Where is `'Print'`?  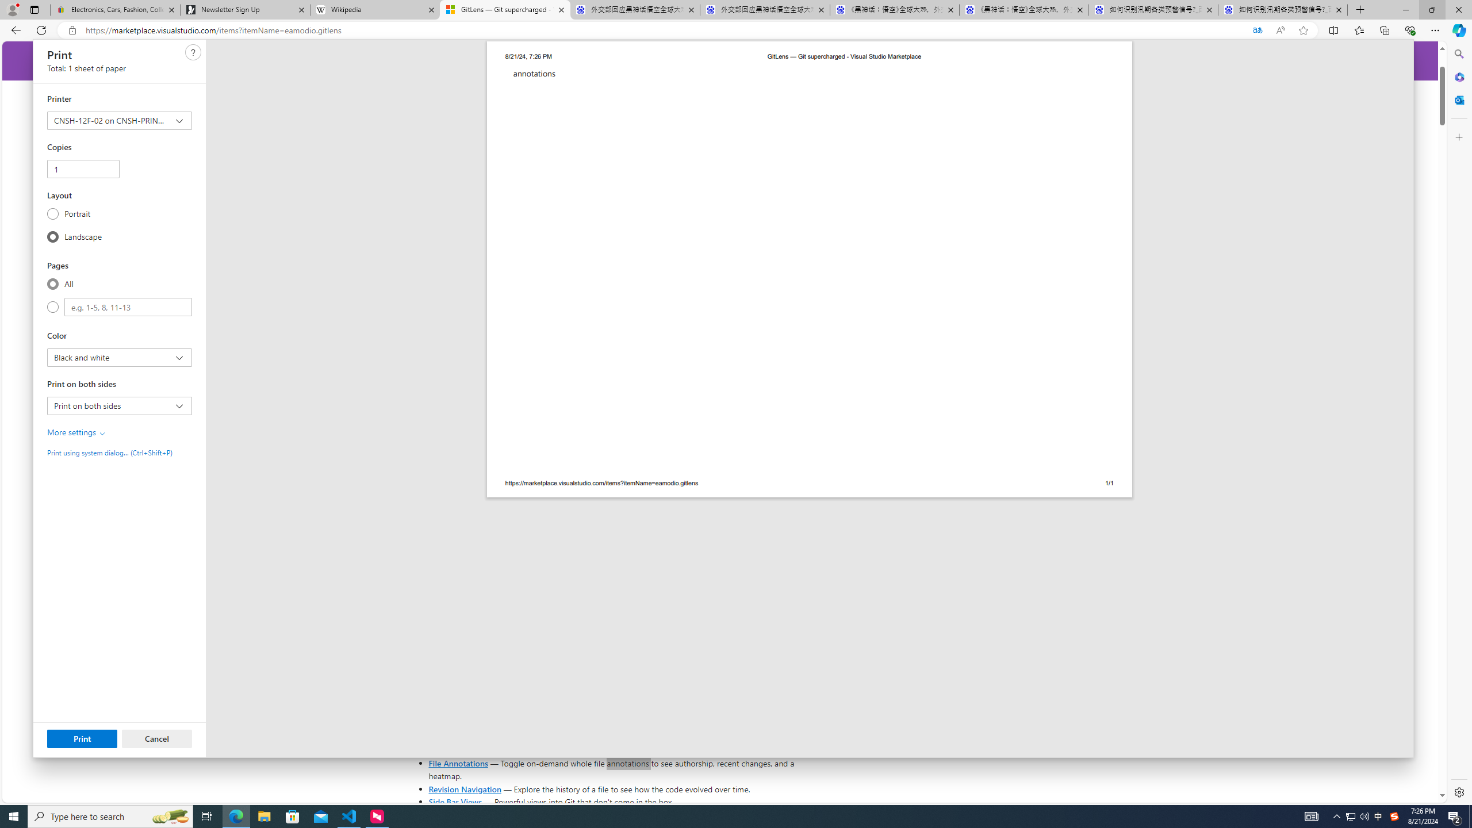
'Print' is located at coordinates (82, 738).